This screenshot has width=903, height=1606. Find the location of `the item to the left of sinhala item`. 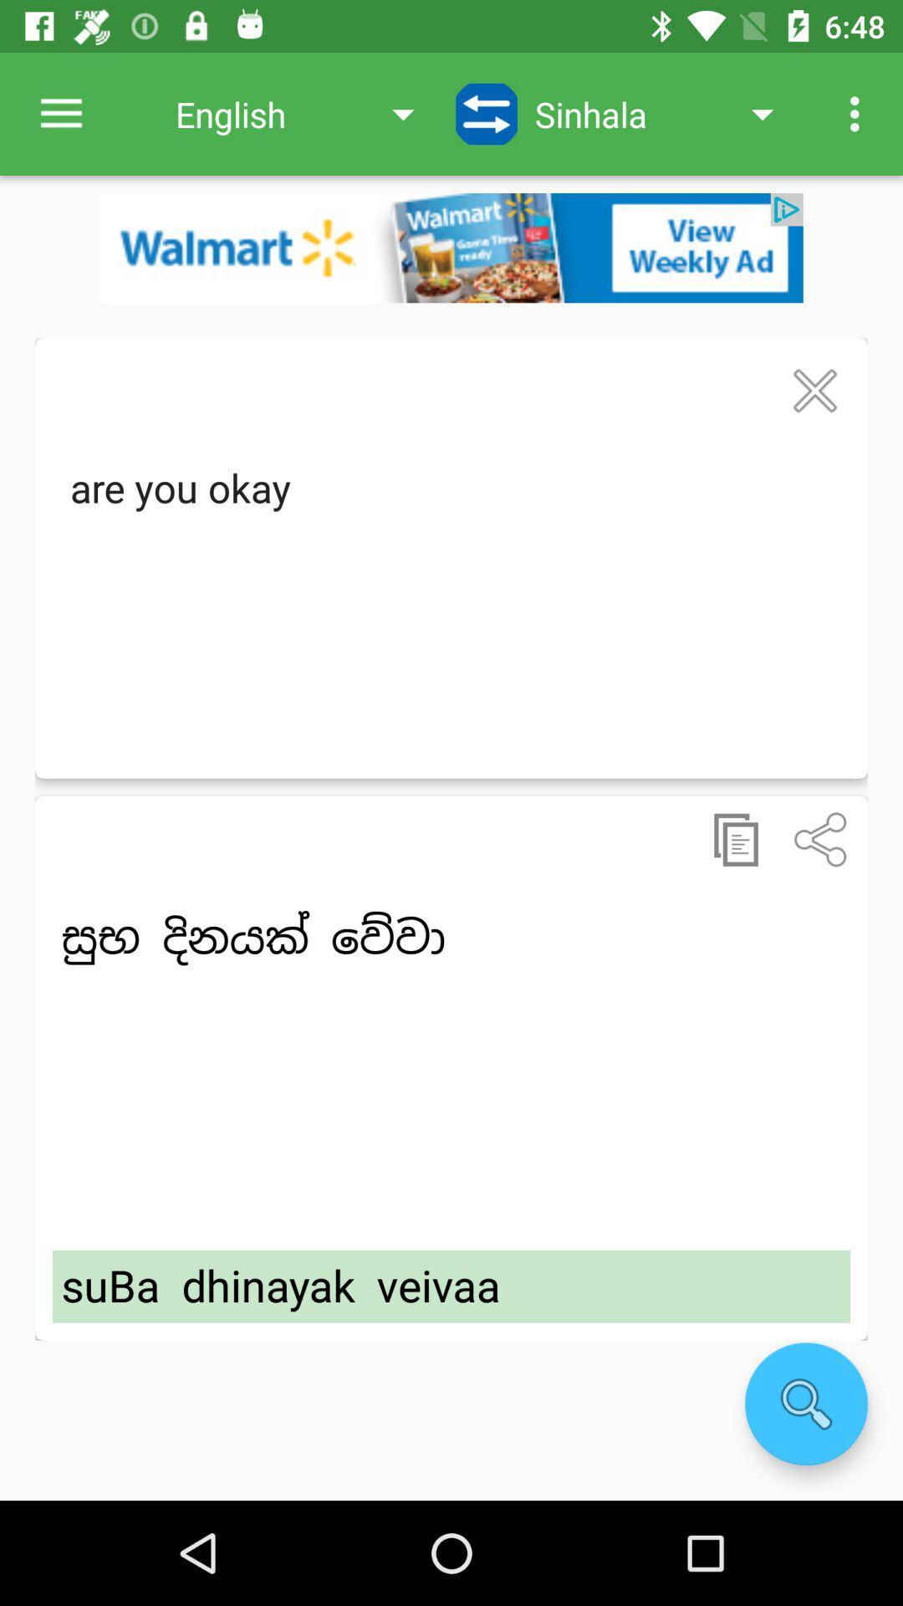

the item to the left of sinhala item is located at coordinates (487, 113).